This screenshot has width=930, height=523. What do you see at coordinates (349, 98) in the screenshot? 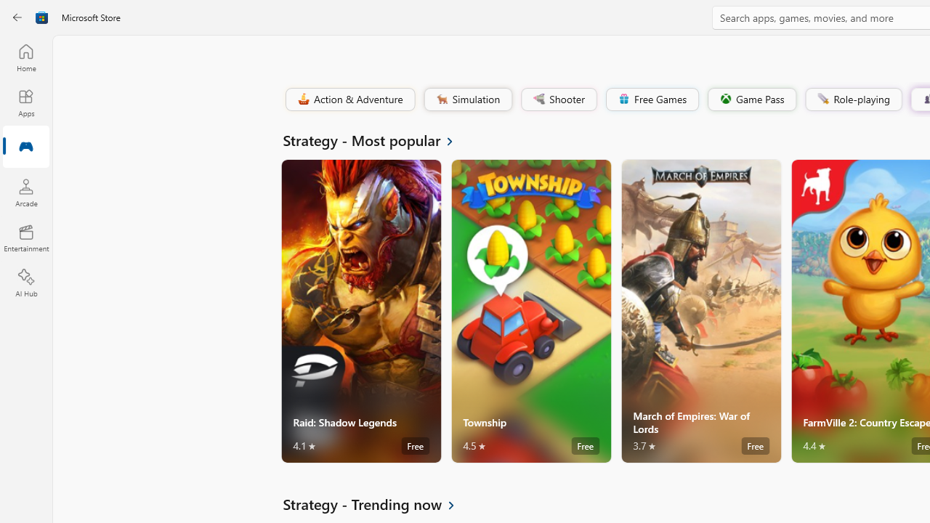
I see `'Action & Adventure'` at bounding box center [349, 98].